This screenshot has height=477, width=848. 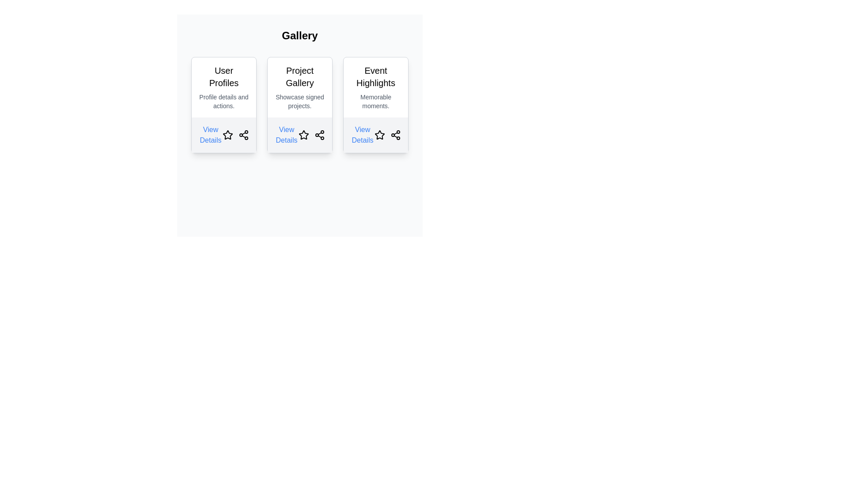 What do you see at coordinates (227, 135) in the screenshot?
I see `the star icon used for marking or rating content located immediately to the right of the 'View Details' link` at bounding box center [227, 135].